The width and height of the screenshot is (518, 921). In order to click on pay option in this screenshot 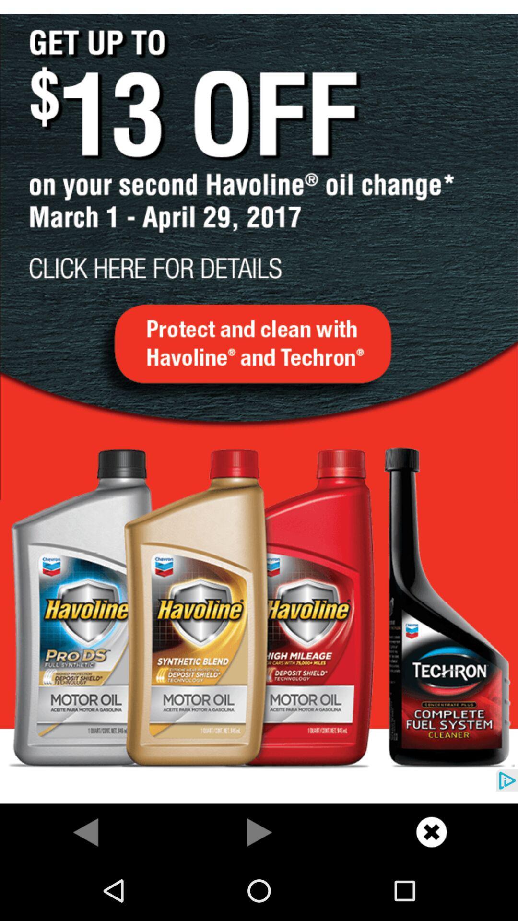, I will do `click(259, 831)`.